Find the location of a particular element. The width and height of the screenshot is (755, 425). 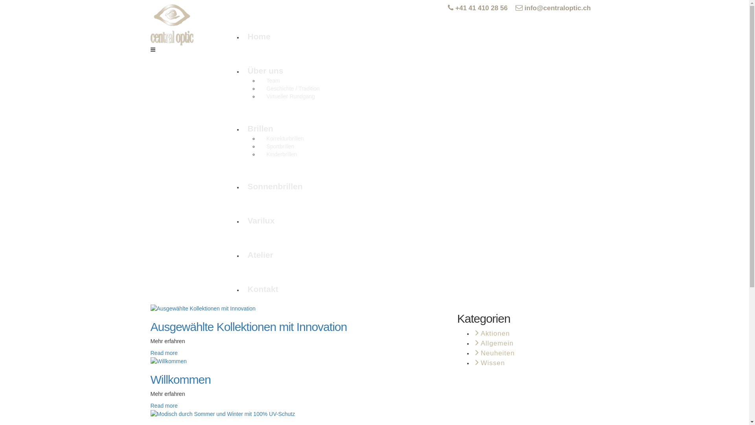

'Kontakt' is located at coordinates (263, 289).